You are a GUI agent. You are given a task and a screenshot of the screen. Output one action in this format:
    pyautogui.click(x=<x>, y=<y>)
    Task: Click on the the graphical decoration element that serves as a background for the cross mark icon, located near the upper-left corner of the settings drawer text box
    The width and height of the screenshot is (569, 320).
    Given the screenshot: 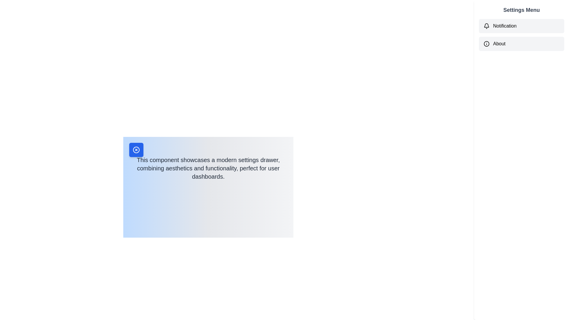 What is the action you would take?
    pyautogui.click(x=136, y=149)
    